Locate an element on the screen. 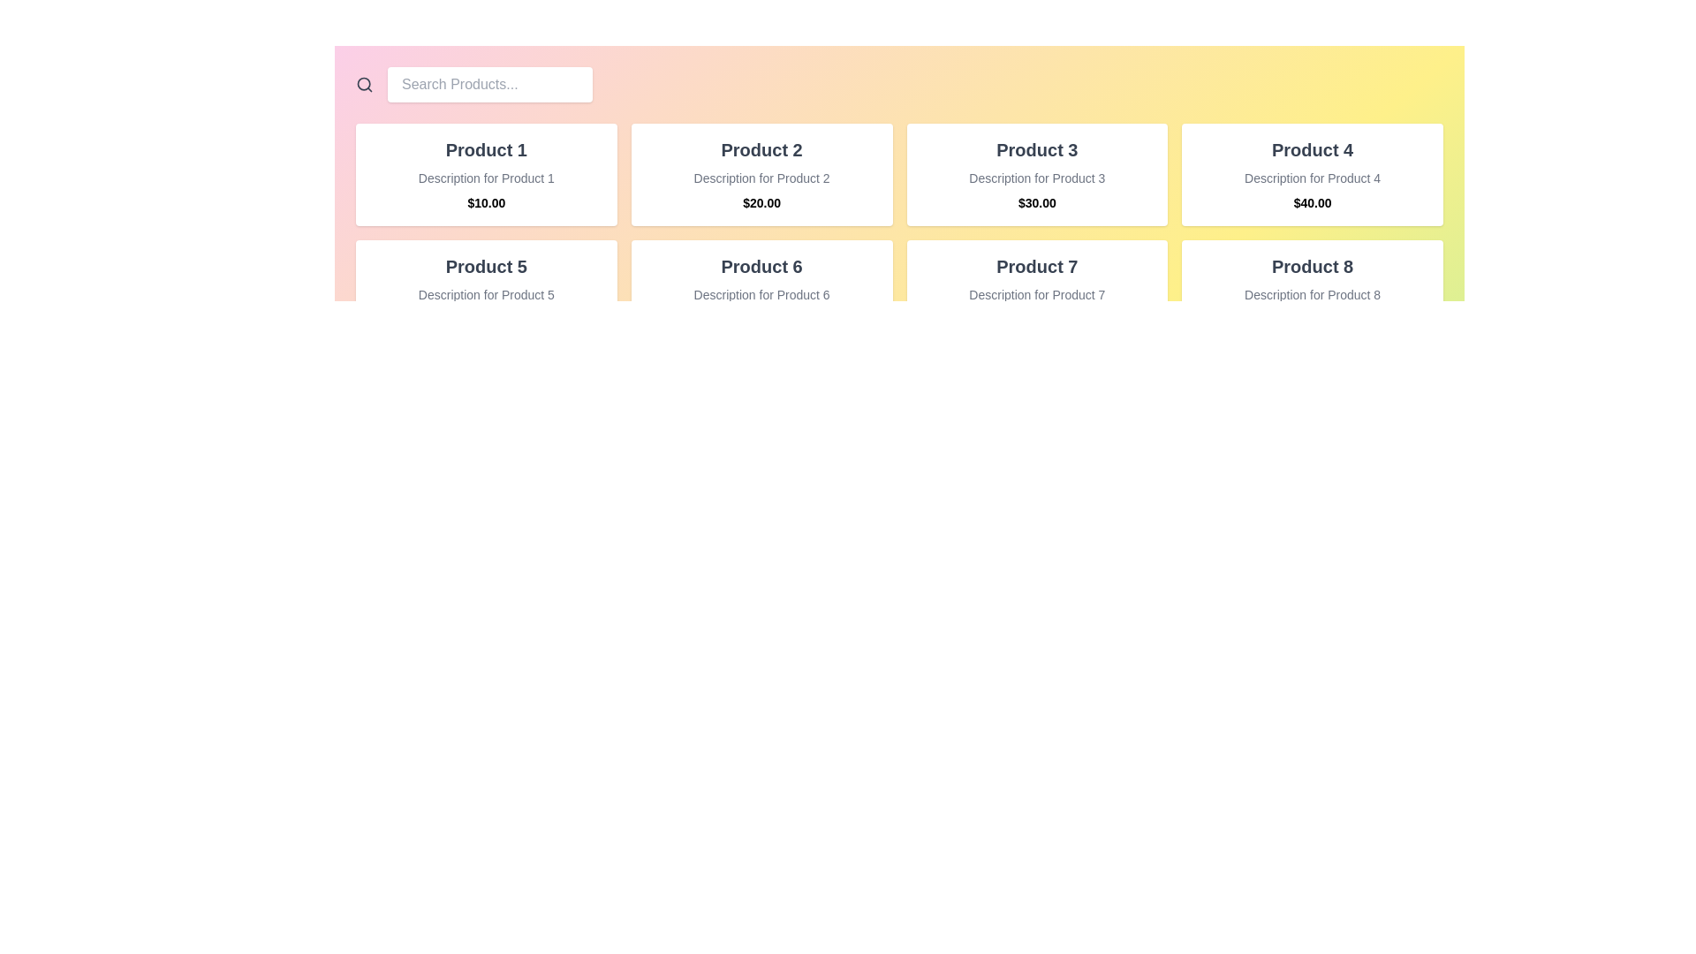 Image resolution: width=1696 pixels, height=954 pixels. the first product card in the grid is located at coordinates (486, 174).